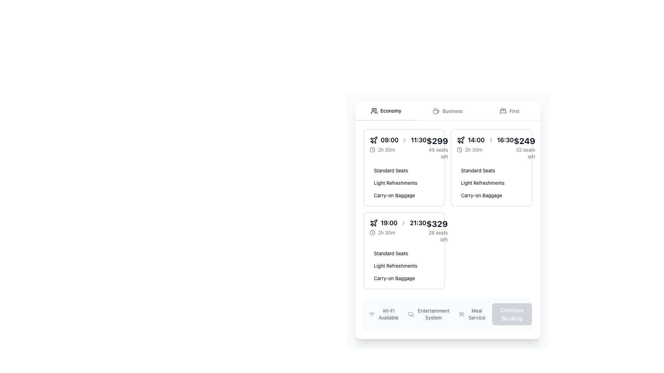 This screenshot has height=373, width=664. I want to click on the text label displaying the duration '2h 30m', which is styled in a minimalistic sans-serif font and located to the right of a clock icon within the central information card, so click(473, 150).